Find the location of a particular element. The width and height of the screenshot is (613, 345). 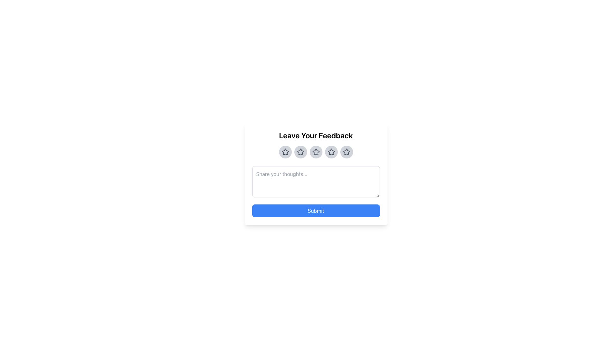

the bold text element reading 'Leave Your Feedback' located at the top of the feedback form is located at coordinates (316, 135).